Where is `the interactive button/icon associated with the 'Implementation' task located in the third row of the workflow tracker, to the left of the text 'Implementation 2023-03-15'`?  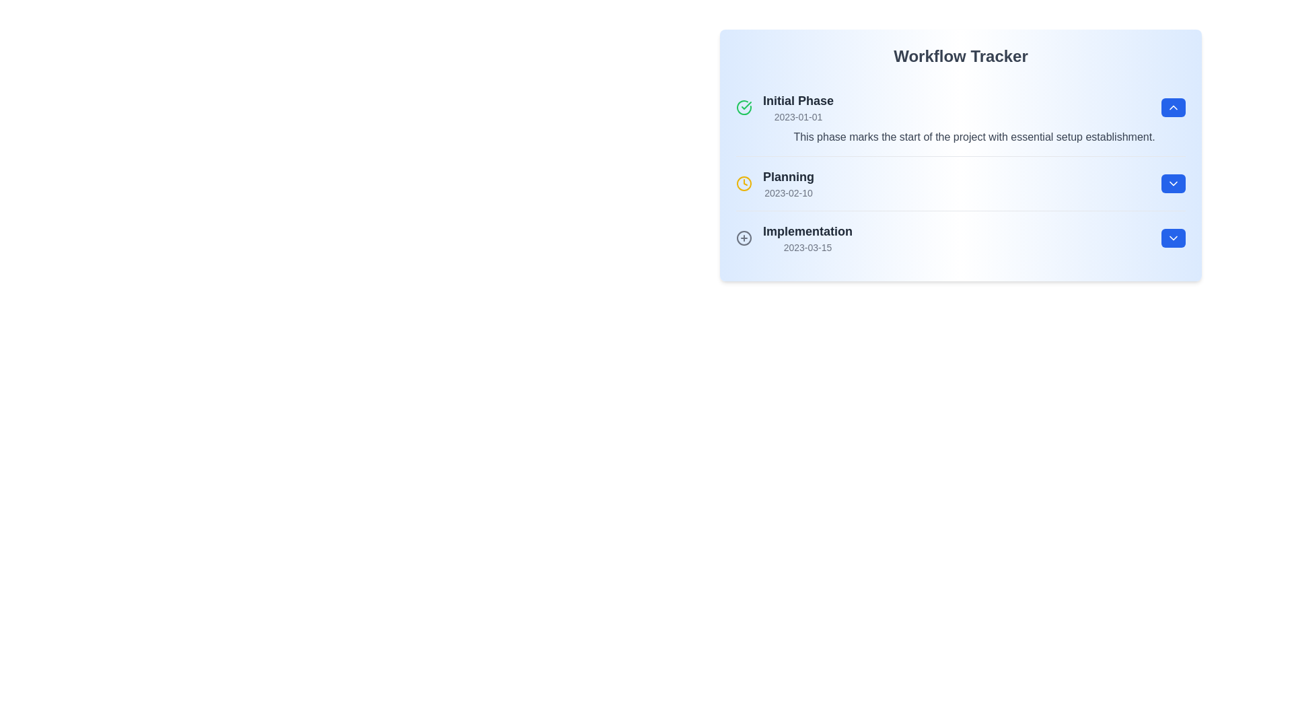
the interactive button/icon associated with the 'Implementation' task located in the third row of the workflow tracker, to the left of the text 'Implementation 2023-03-15' is located at coordinates (743, 238).